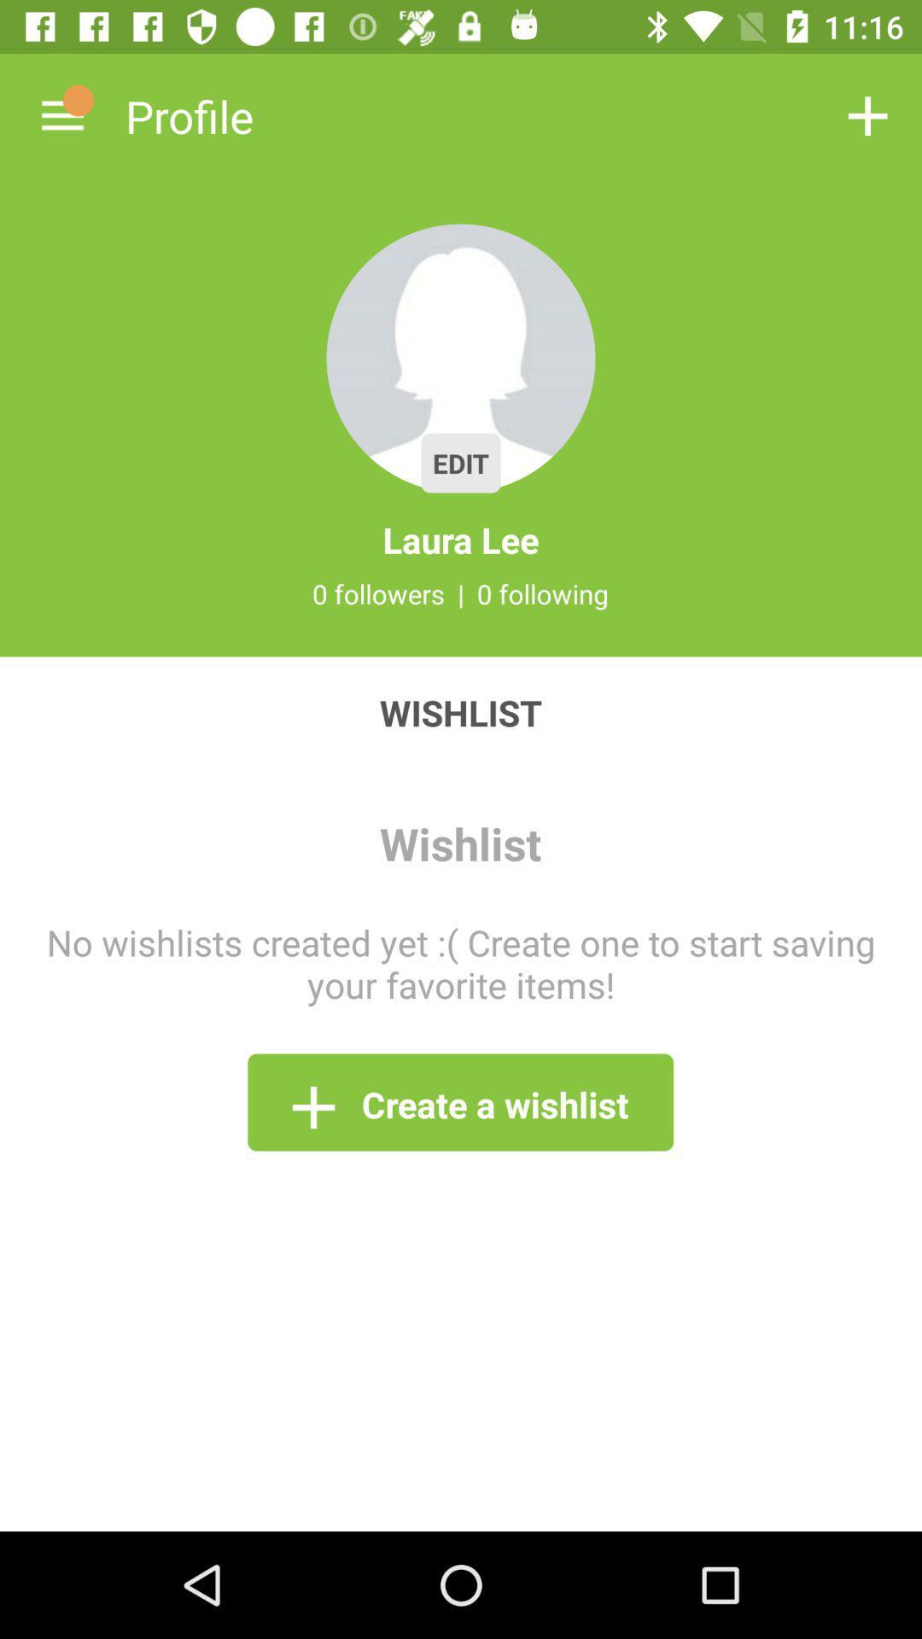 The height and width of the screenshot is (1639, 922). Describe the element at coordinates (377, 593) in the screenshot. I see `0 followers icon` at that location.